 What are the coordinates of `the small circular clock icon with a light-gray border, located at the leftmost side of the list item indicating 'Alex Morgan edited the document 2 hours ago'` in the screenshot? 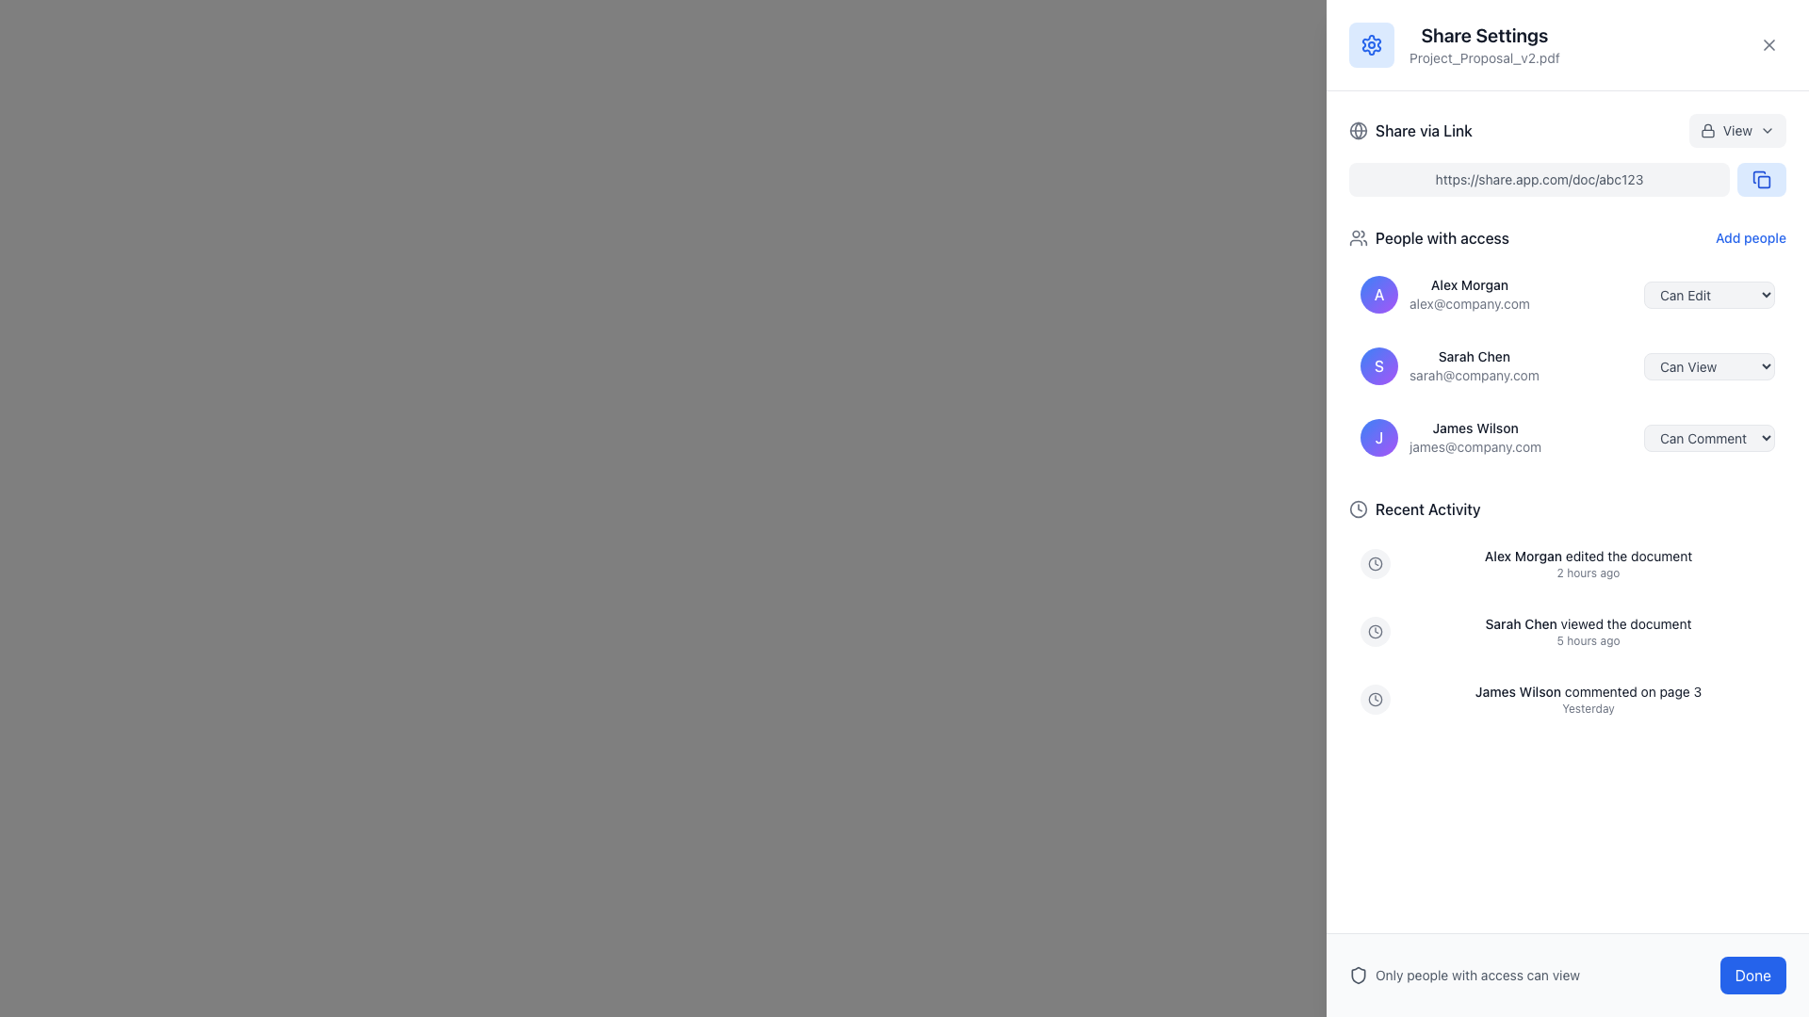 It's located at (1375, 562).